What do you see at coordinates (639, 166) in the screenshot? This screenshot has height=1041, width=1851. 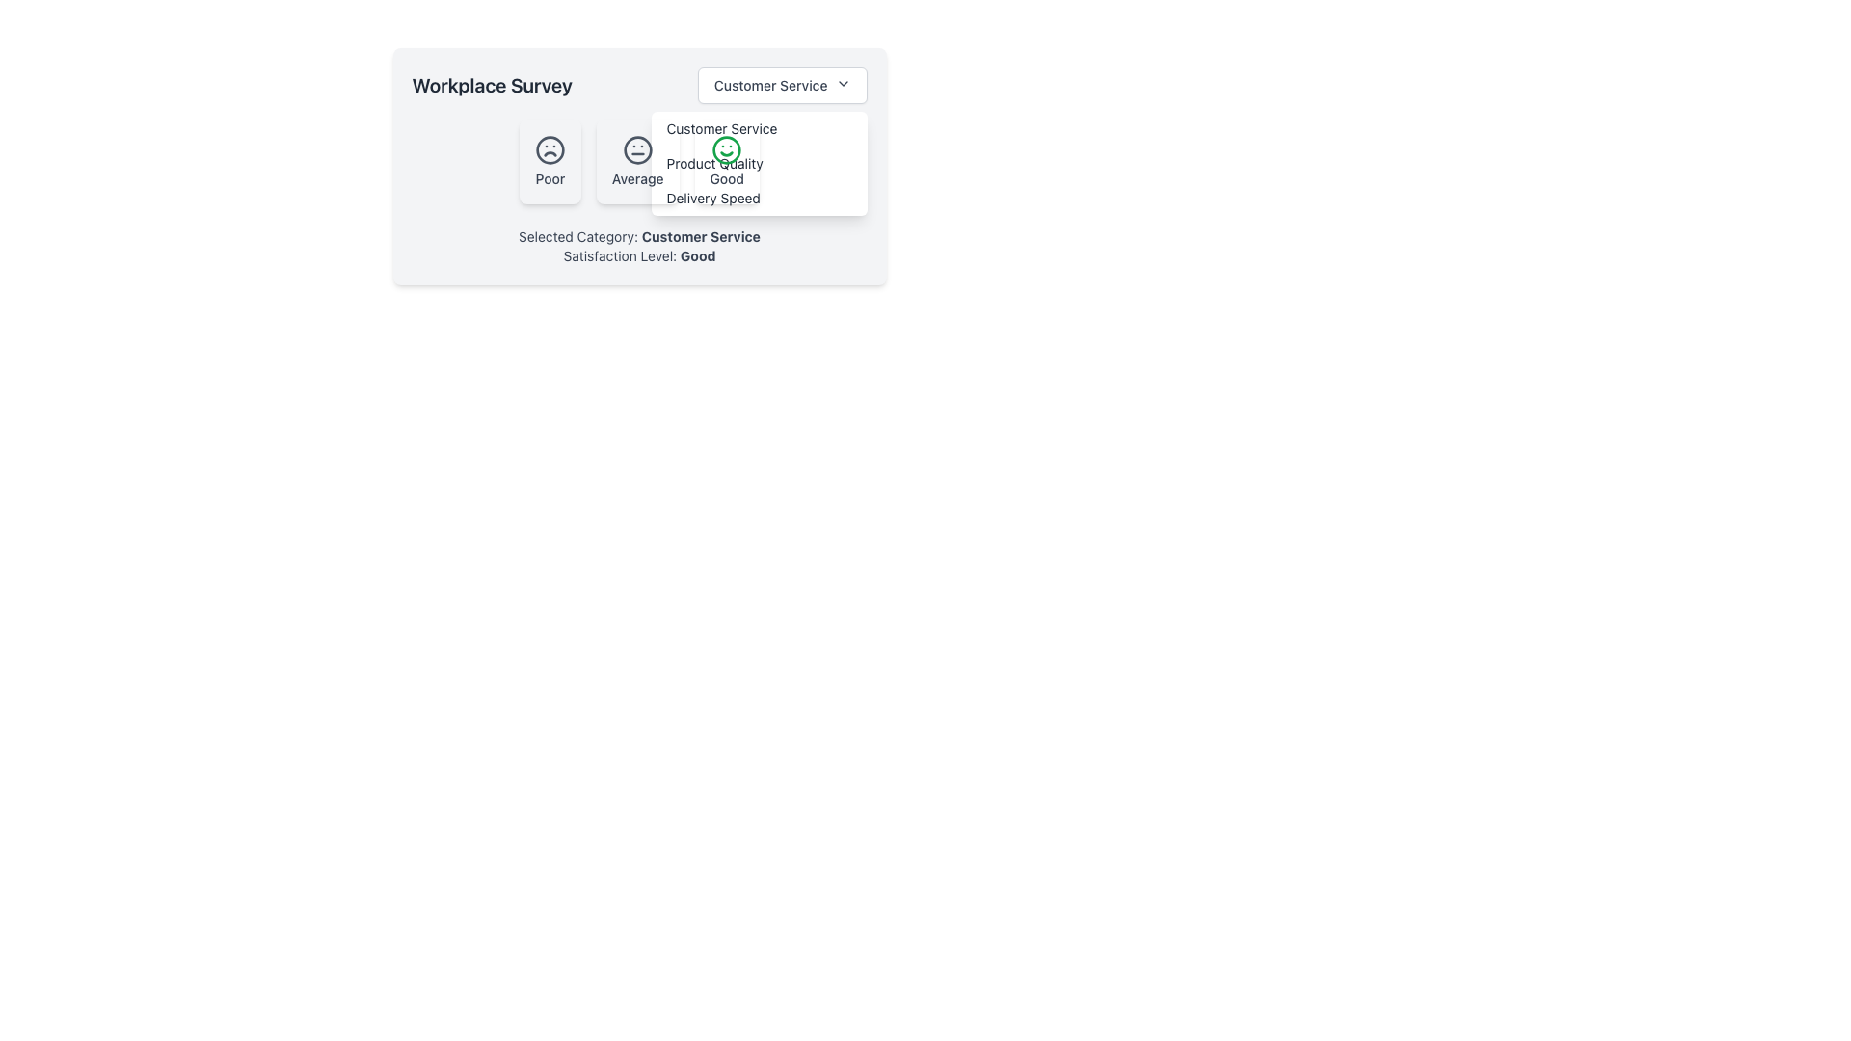 I see `the 'Average' satisfaction level button, which is the second button in a horizontal arrangement of three satisfaction level buttons` at bounding box center [639, 166].